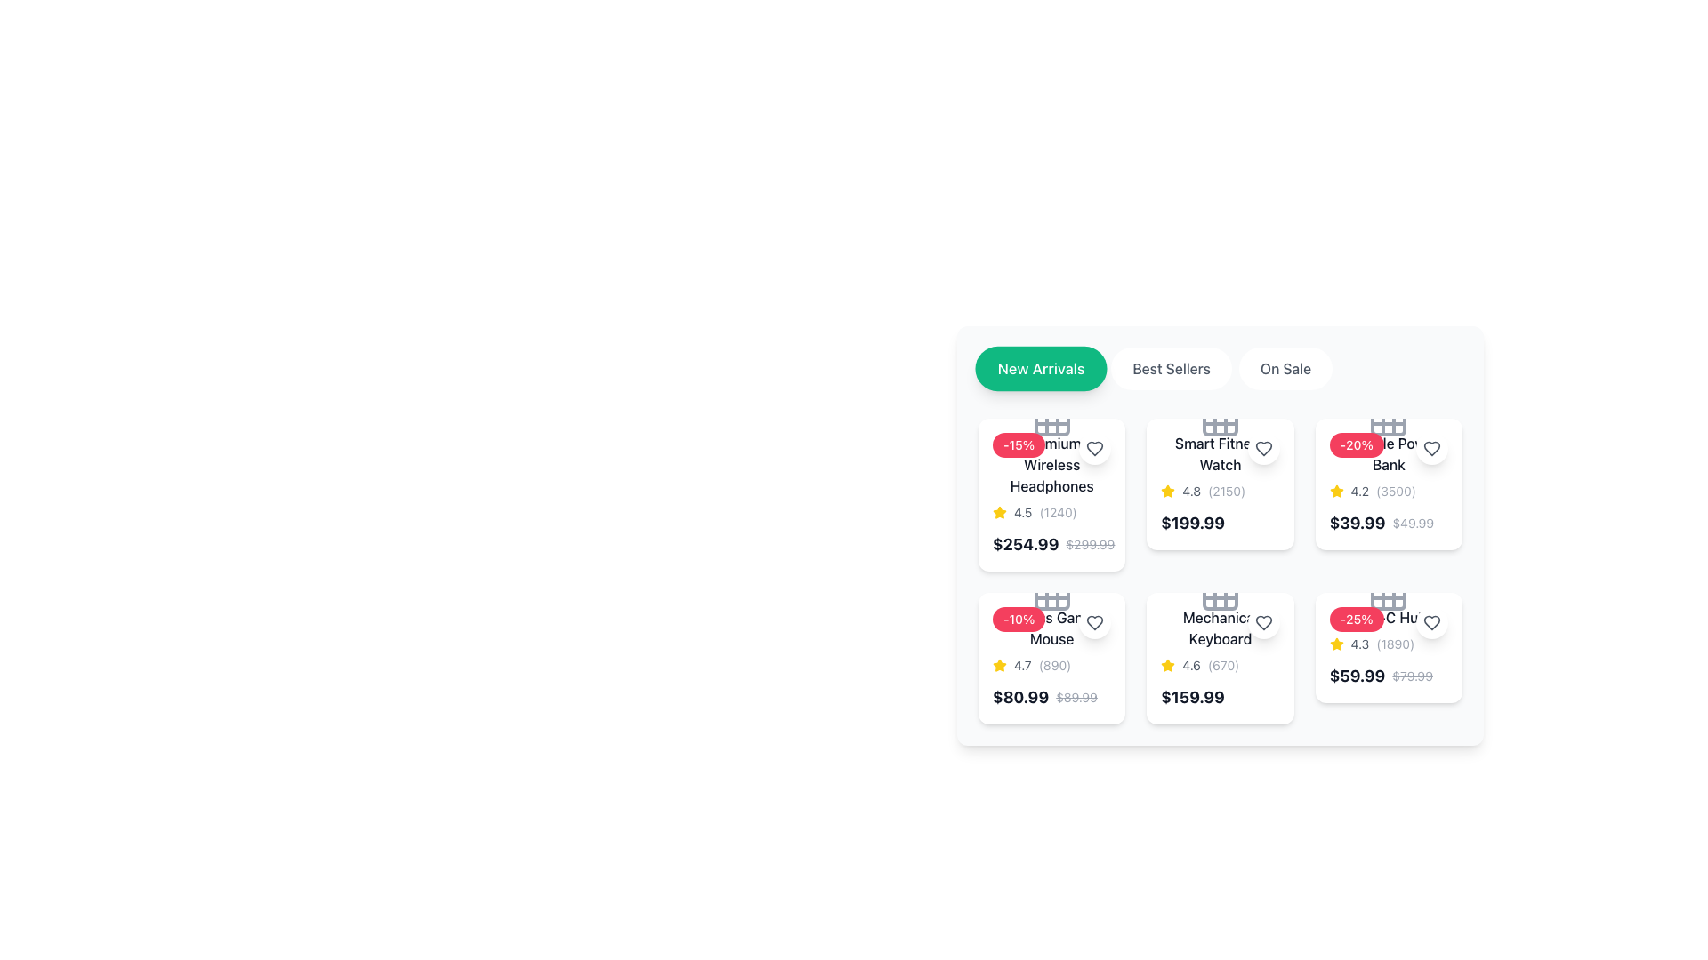 This screenshot has height=960, width=1708. I want to click on the text label displaying 'Mechanical Keyboard' located in the second row and third column of the grid, so click(1220, 627).